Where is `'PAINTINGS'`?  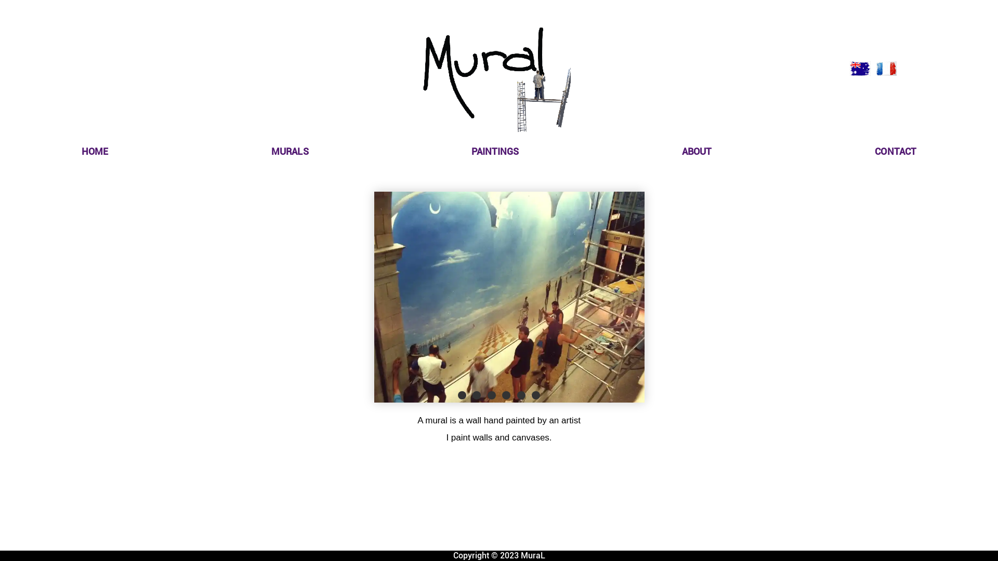
'PAINTINGS' is located at coordinates (494, 151).